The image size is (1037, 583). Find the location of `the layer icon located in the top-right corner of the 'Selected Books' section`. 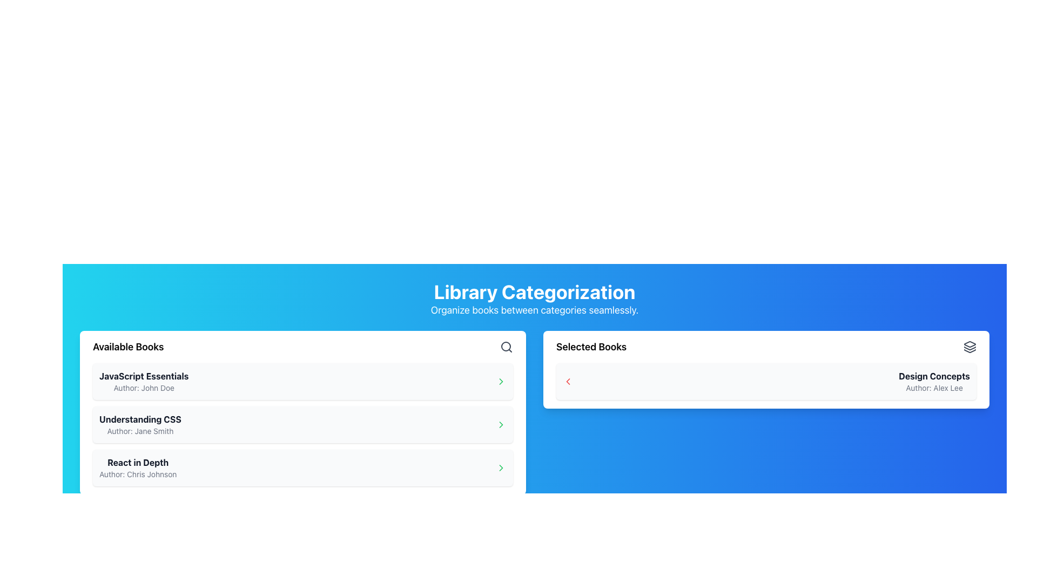

the layer icon located in the top-right corner of the 'Selected Books' section is located at coordinates (969, 347).